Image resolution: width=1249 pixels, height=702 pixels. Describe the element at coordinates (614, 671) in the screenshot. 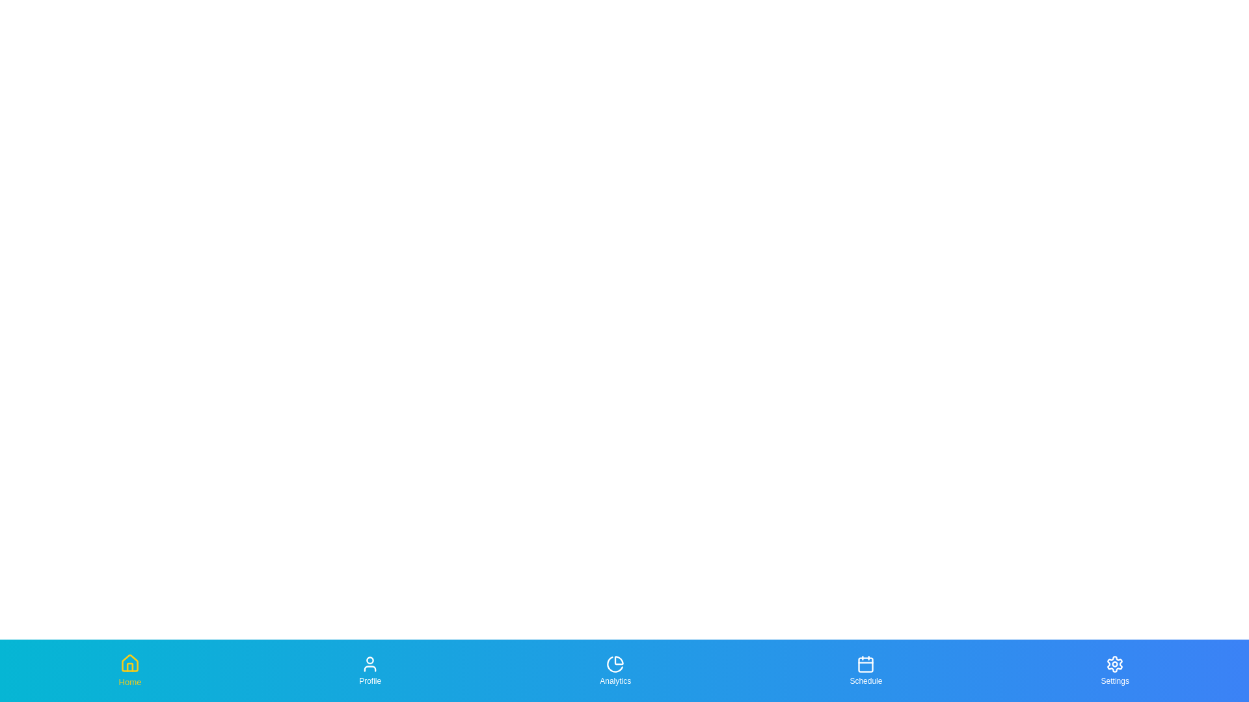

I see `the Analytics tab to highlight it` at that location.